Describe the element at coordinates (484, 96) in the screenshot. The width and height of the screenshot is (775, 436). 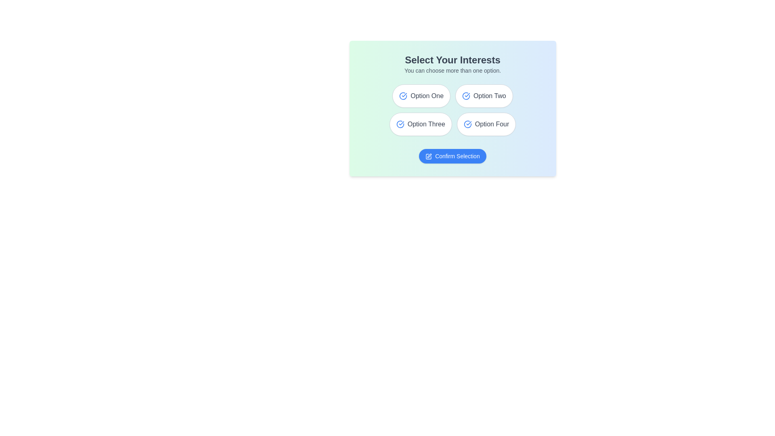
I see `the option Option Two to observe the hover effect` at that location.